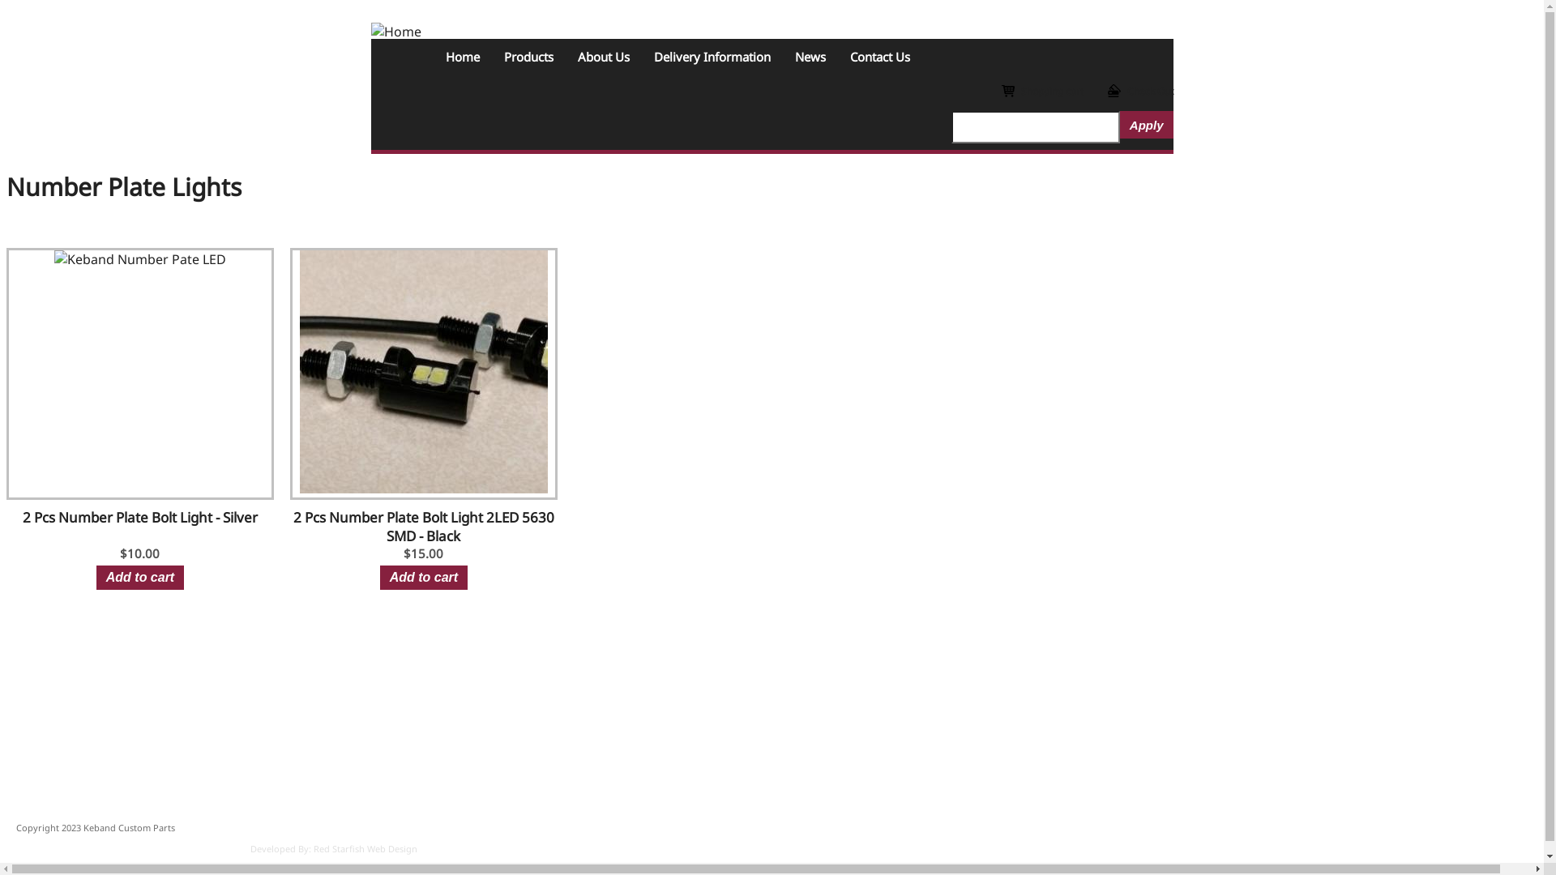 This screenshot has width=1556, height=875. What do you see at coordinates (712, 55) in the screenshot?
I see `'Delivery Information'` at bounding box center [712, 55].